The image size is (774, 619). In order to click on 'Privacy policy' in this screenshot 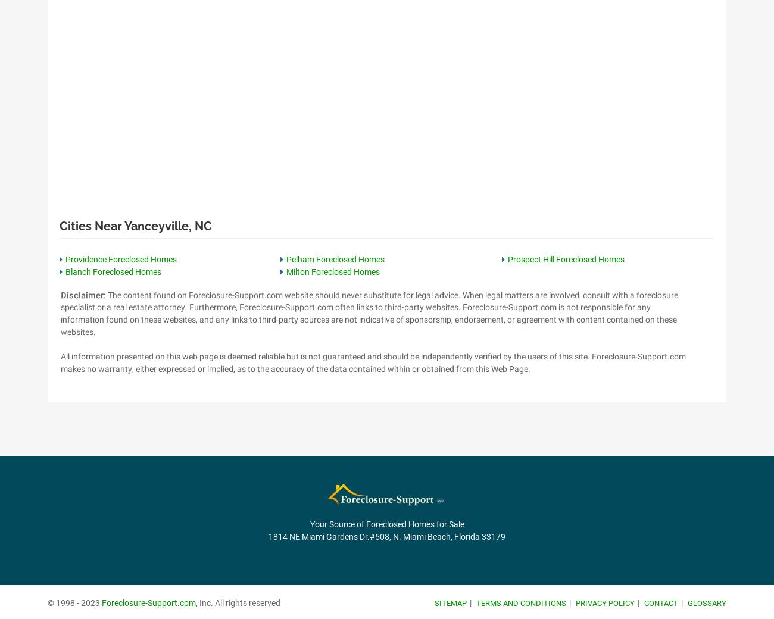, I will do `click(604, 602)`.